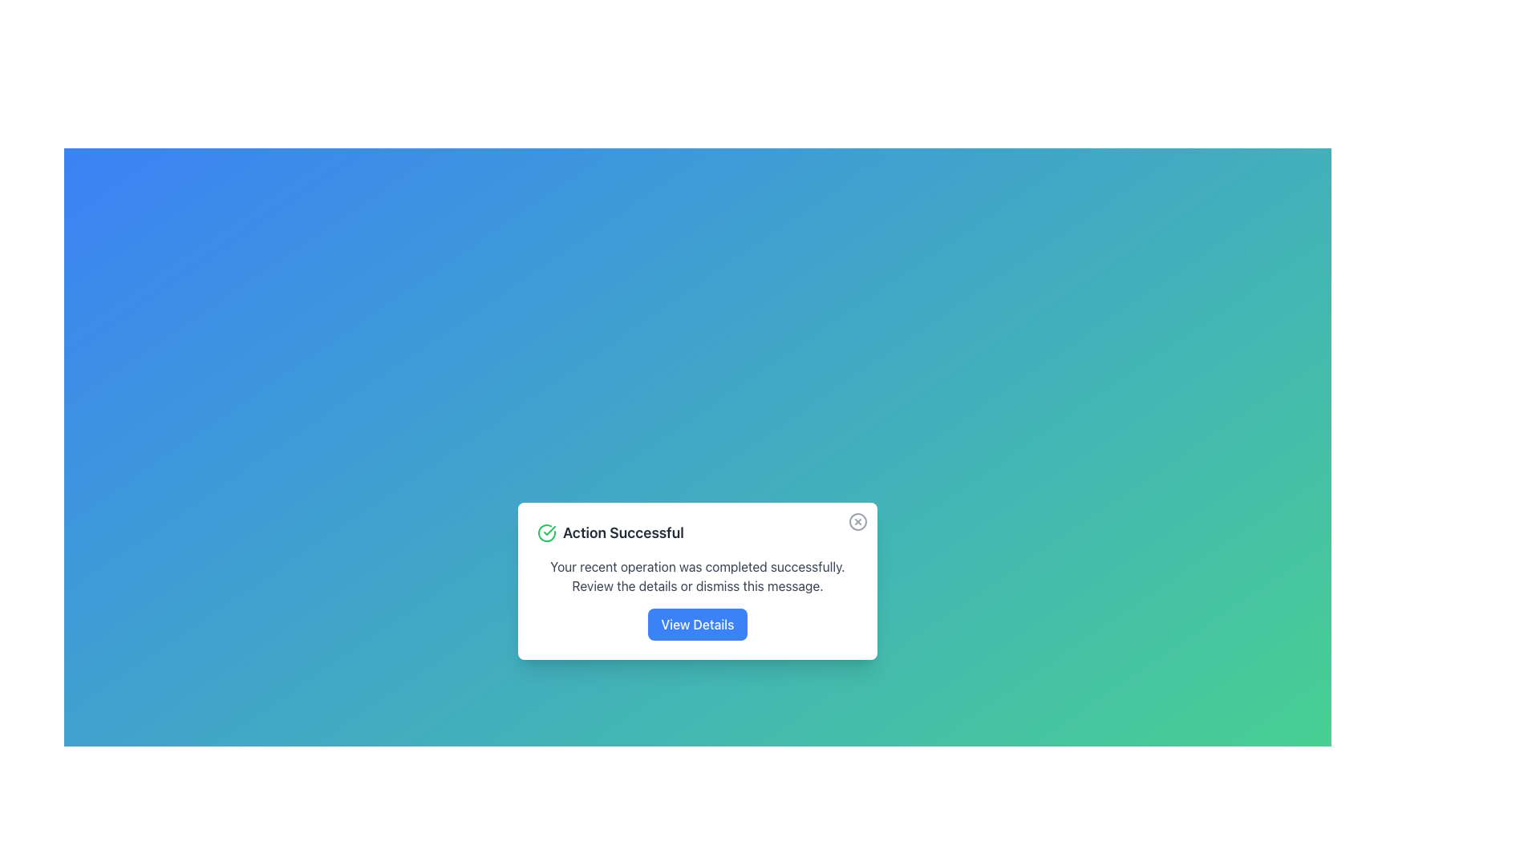 The image size is (1540, 866). Describe the element at coordinates (857, 522) in the screenshot. I see `the dismiss button located at the top-right corner of the modal that displays the message 'Action Successful'` at that location.